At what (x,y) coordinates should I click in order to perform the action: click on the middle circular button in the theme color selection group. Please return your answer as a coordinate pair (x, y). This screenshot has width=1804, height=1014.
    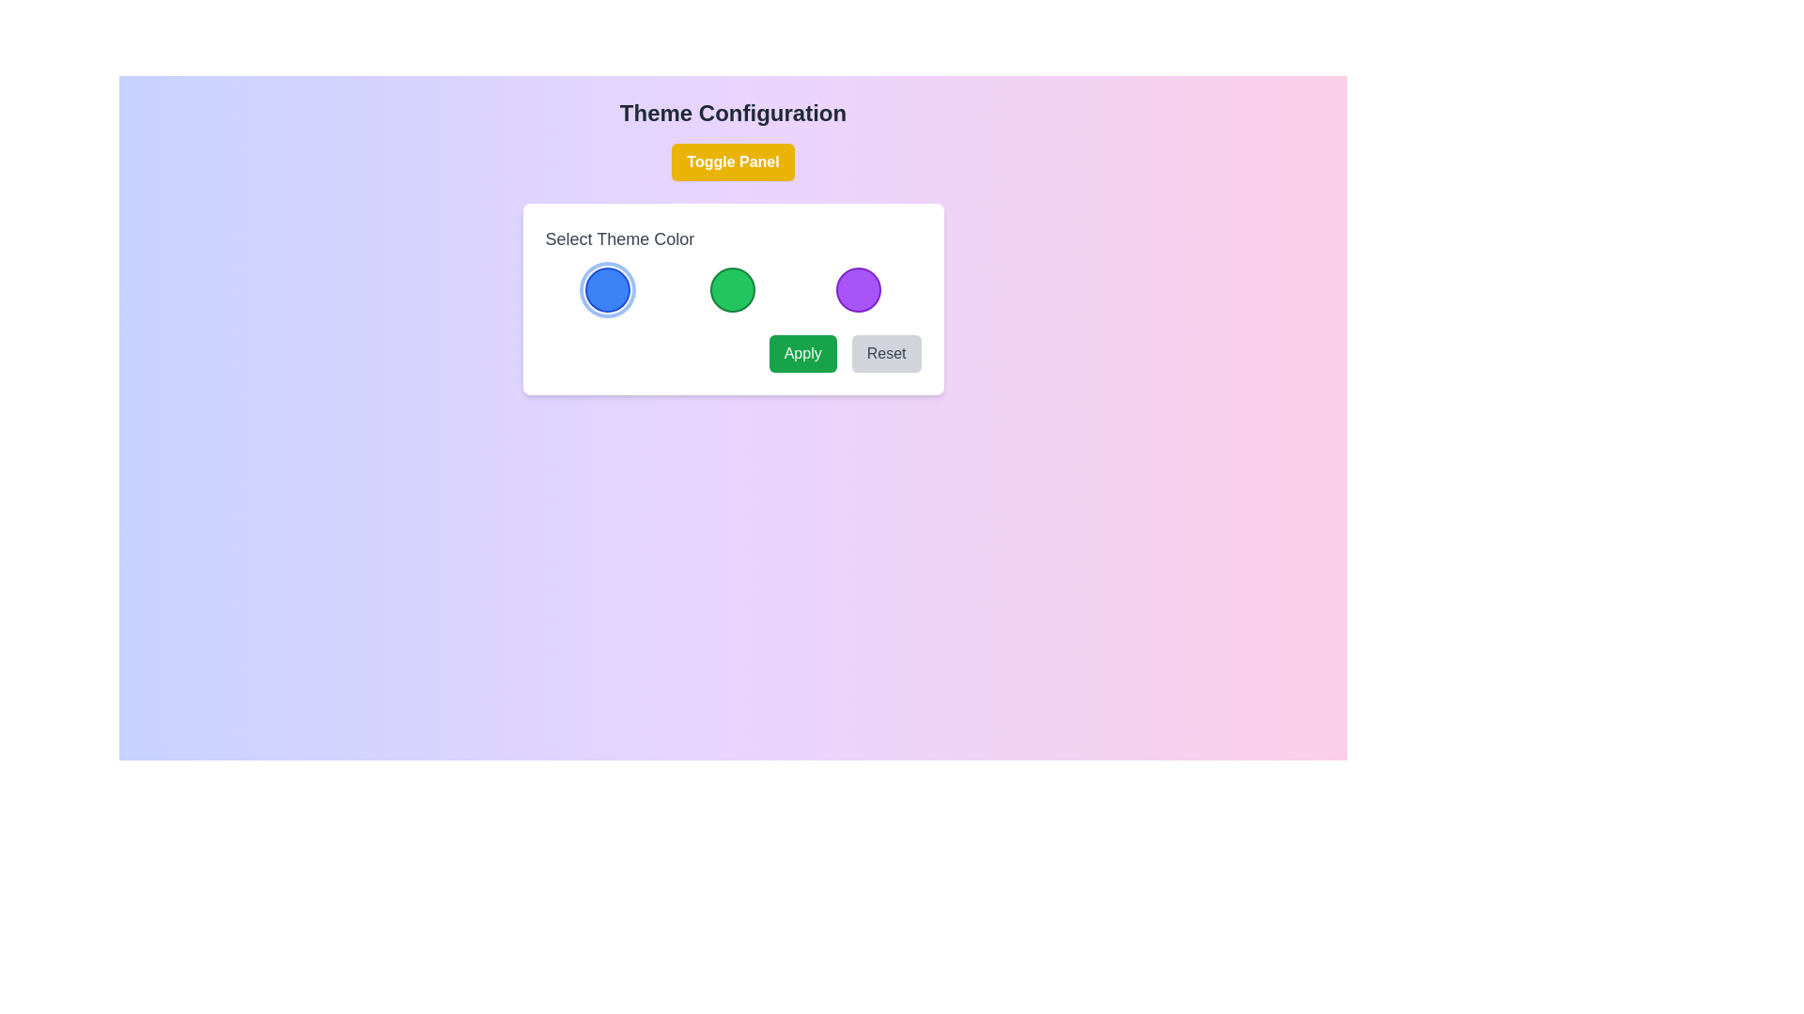
    Looking at the image, I should click on (732, 289).